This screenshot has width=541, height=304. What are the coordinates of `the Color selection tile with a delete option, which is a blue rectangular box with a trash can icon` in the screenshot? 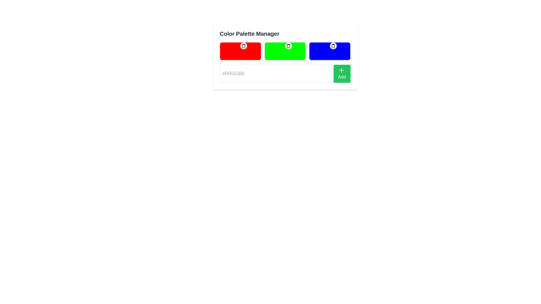 It's located at (330, 51).